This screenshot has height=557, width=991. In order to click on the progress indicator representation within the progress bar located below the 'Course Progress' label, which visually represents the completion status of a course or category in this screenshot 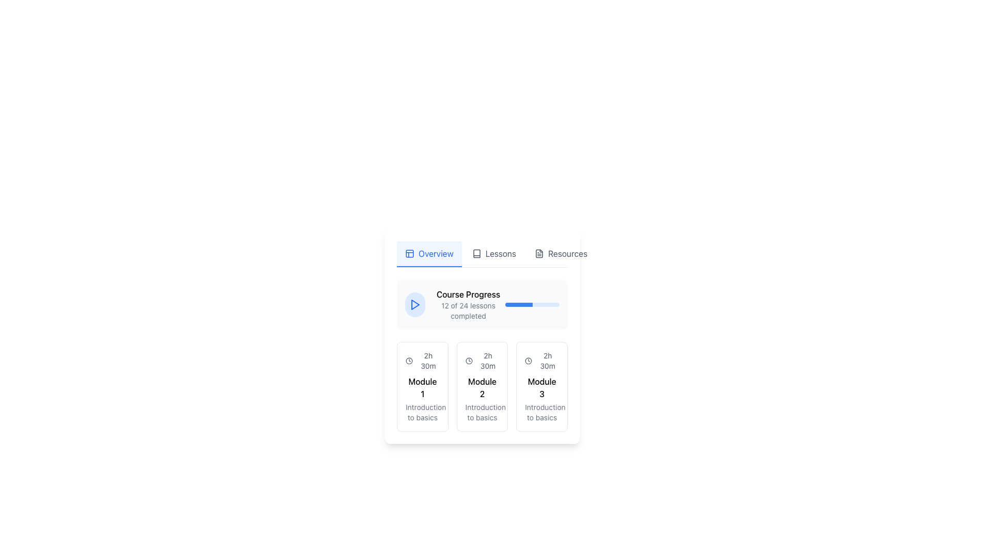, I will do `click(519, 304)`.